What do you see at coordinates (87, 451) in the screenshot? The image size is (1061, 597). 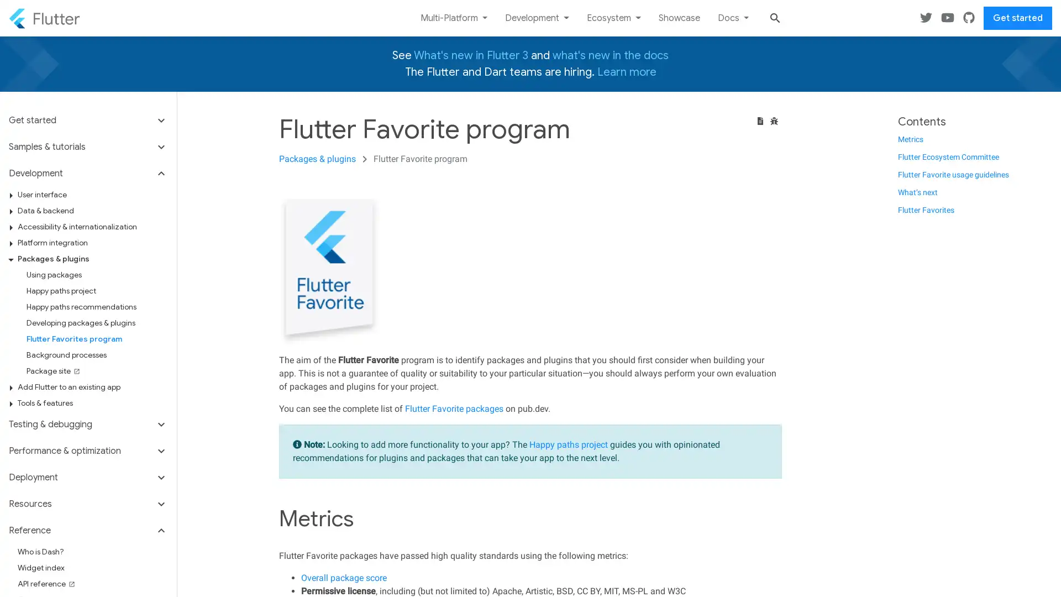 I see `Performance & optimization keyboard_arrow_down` at bounding box center [87, 451].